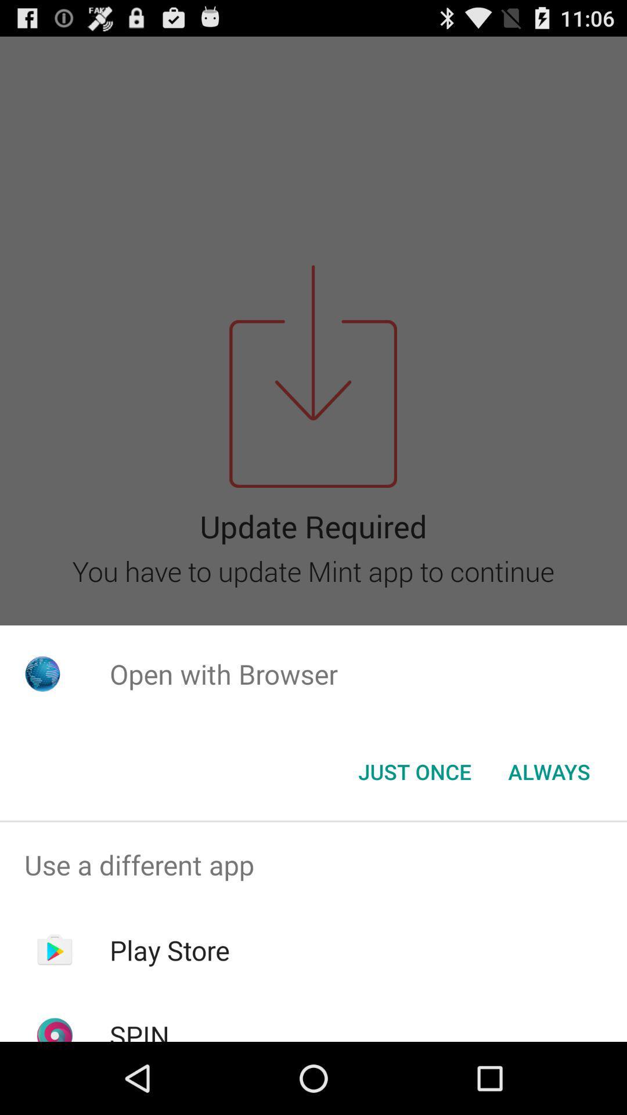 This screenshot has width=627, height=1115. I want to click on the item next to always button, so click(414, 772).